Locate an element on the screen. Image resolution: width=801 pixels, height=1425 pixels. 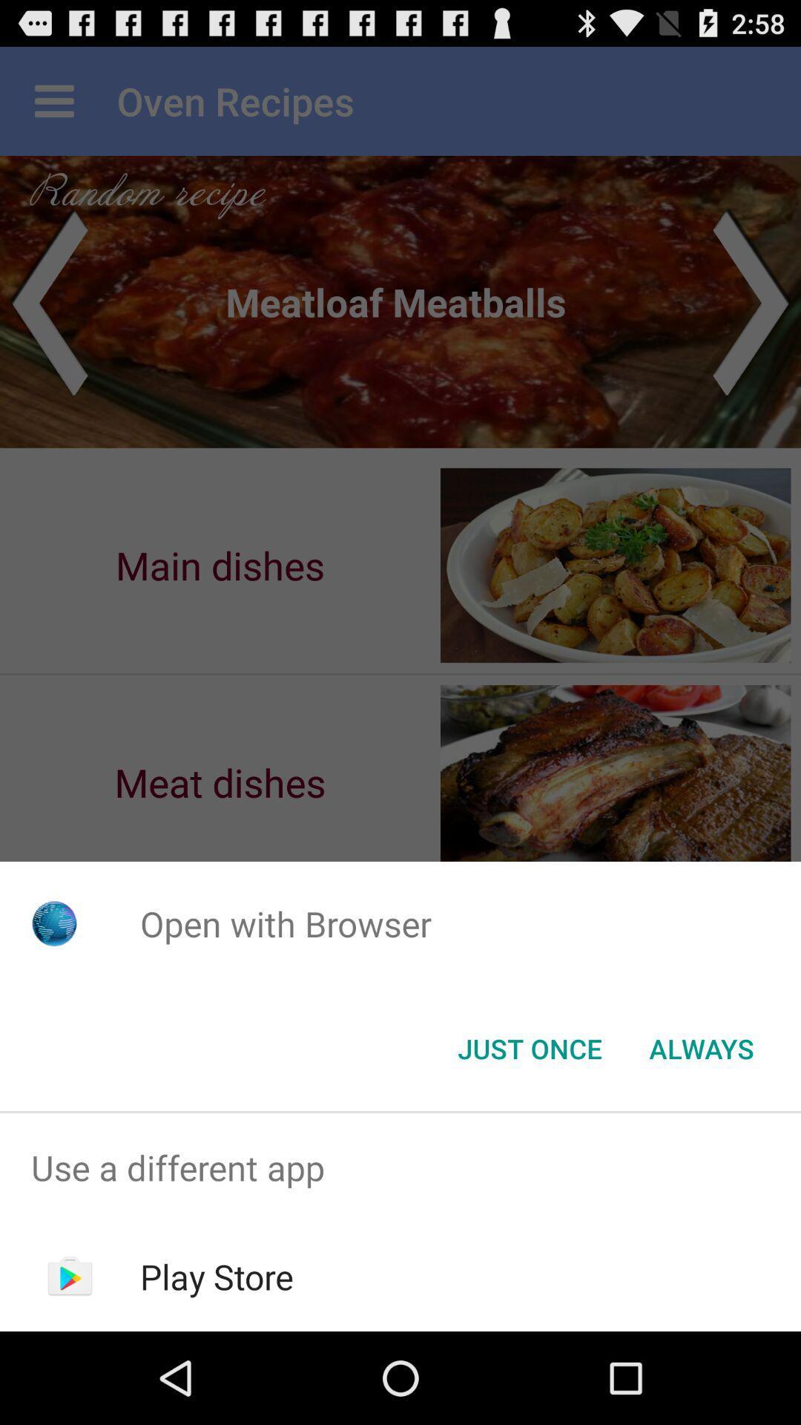
use a different app is located at coordinates (400, 1167).